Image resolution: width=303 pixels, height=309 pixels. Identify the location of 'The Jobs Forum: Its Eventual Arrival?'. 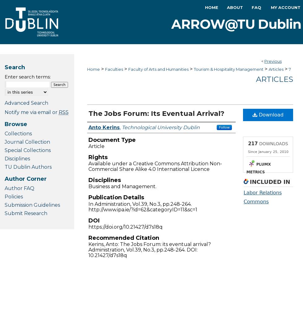
(156, 113).